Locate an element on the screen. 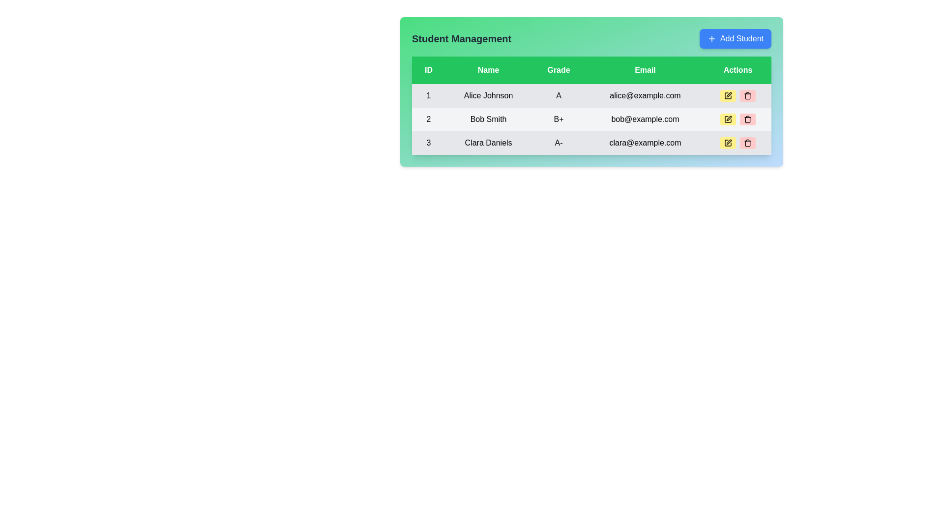  the 'edit' icon represented by a pencil graphic located in the 'Actions' column of the last row in the table is located at coordinates (728, 143).